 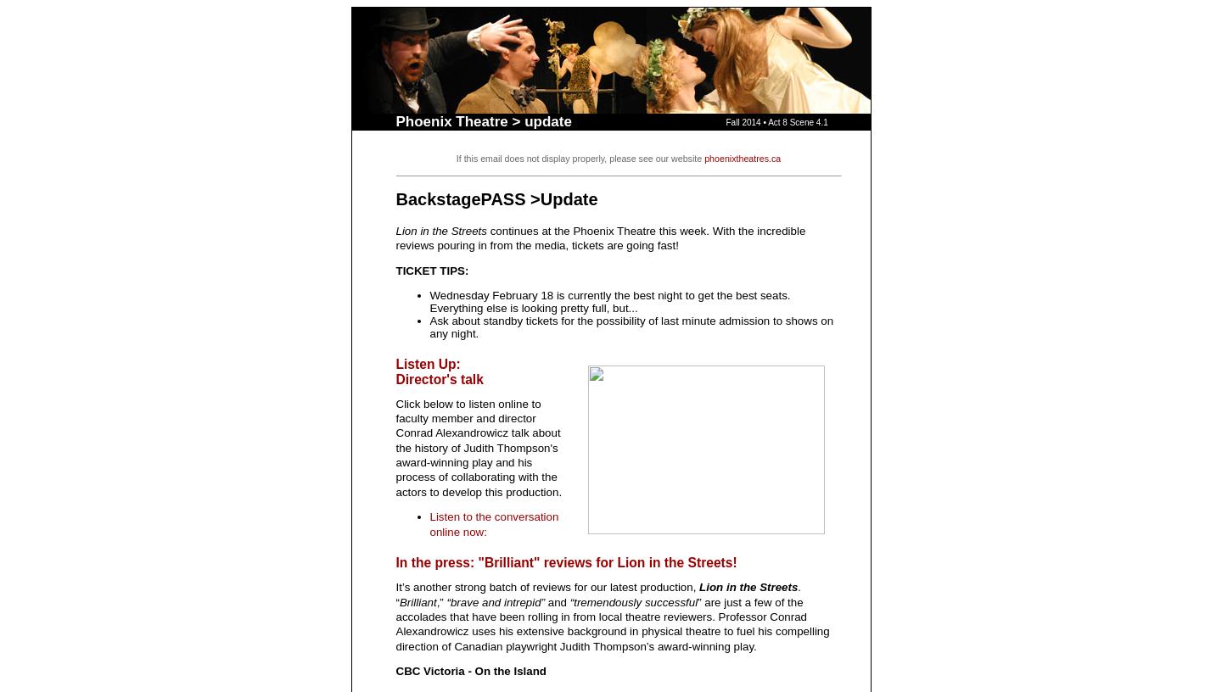 I want to click on 'Ask about standby tickets for the possibility of last minute admission to shows on any night.', so click(x=631, y=326).